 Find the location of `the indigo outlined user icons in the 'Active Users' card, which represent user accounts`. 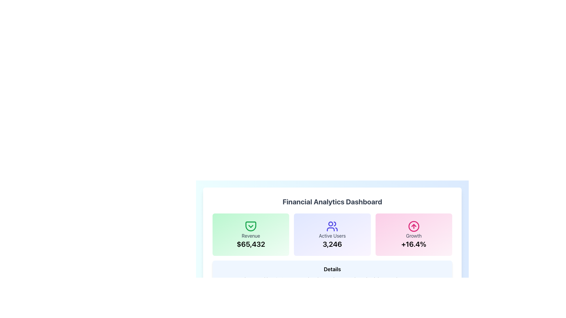

the indigo outlined user icons in the 'Active Users' card, which represent user accounts is located at coordinates (332, 226).